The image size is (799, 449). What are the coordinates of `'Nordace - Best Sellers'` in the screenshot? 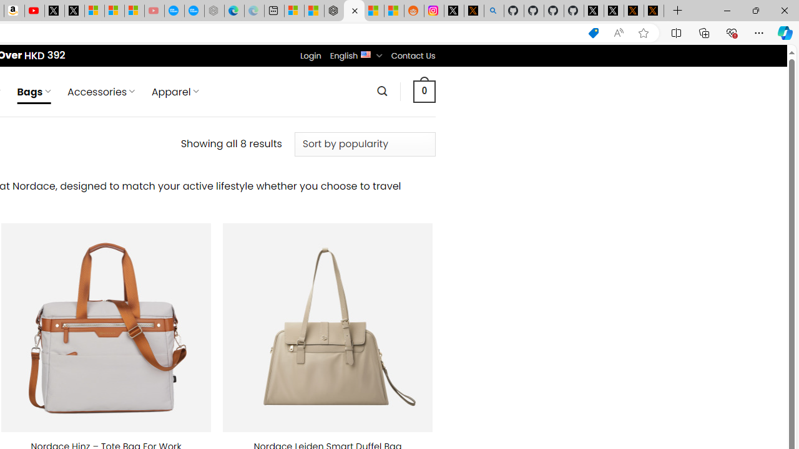 It's located at (334, 11).